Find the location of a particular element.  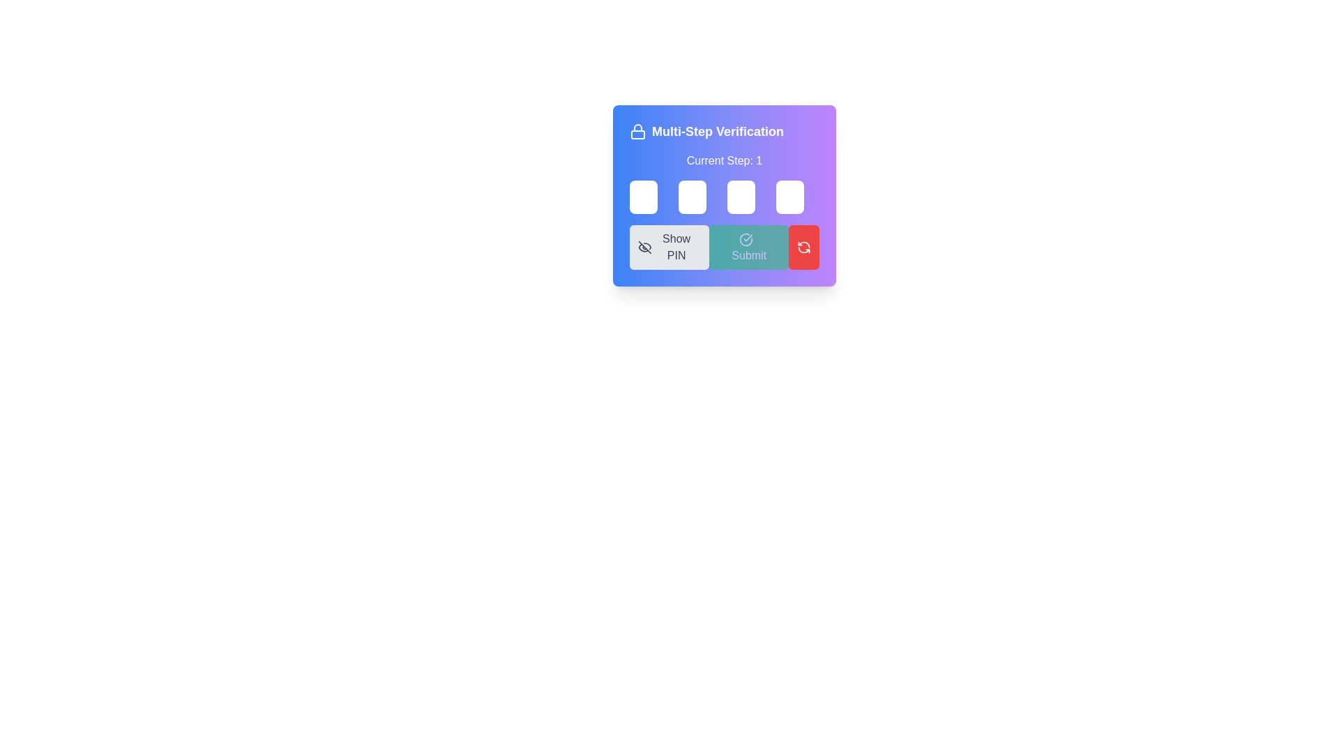

the 'eye-off' SVG icon, which is part of the 'Show PIN' button in the multi-step verification modal interface is located at coordinates (644, 246).